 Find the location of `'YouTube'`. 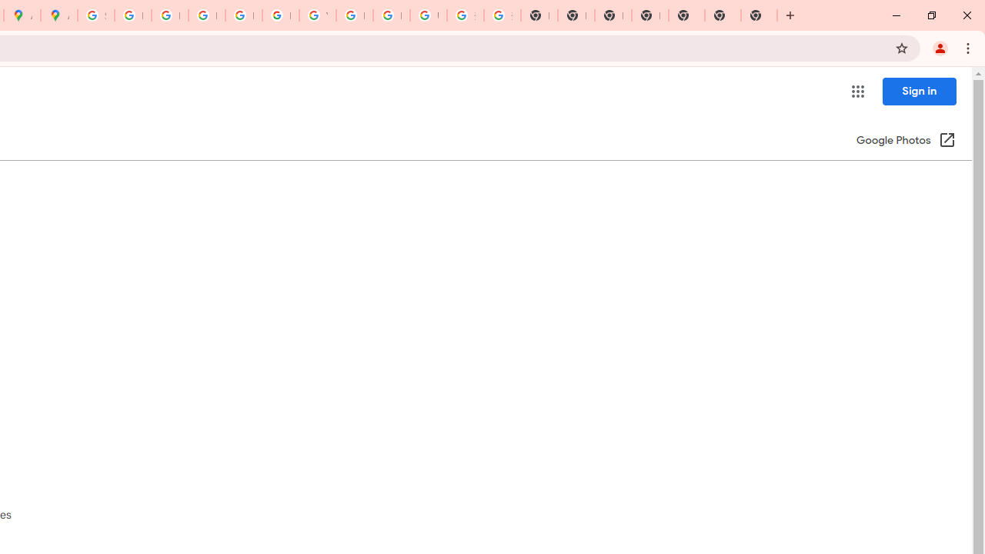

'YouTube' is located at coordinates (316, 15).